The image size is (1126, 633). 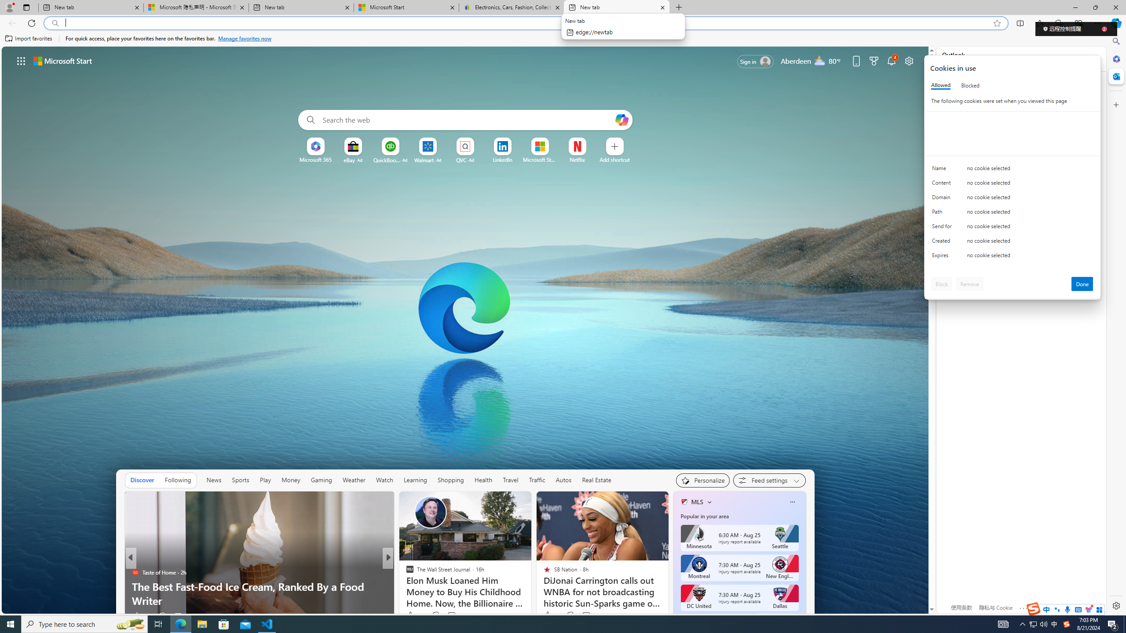 What do you see at coordinates (451, 616) in the screenshot?
I see `'View comments 5 Comment'` at bounding box center [451, 616].